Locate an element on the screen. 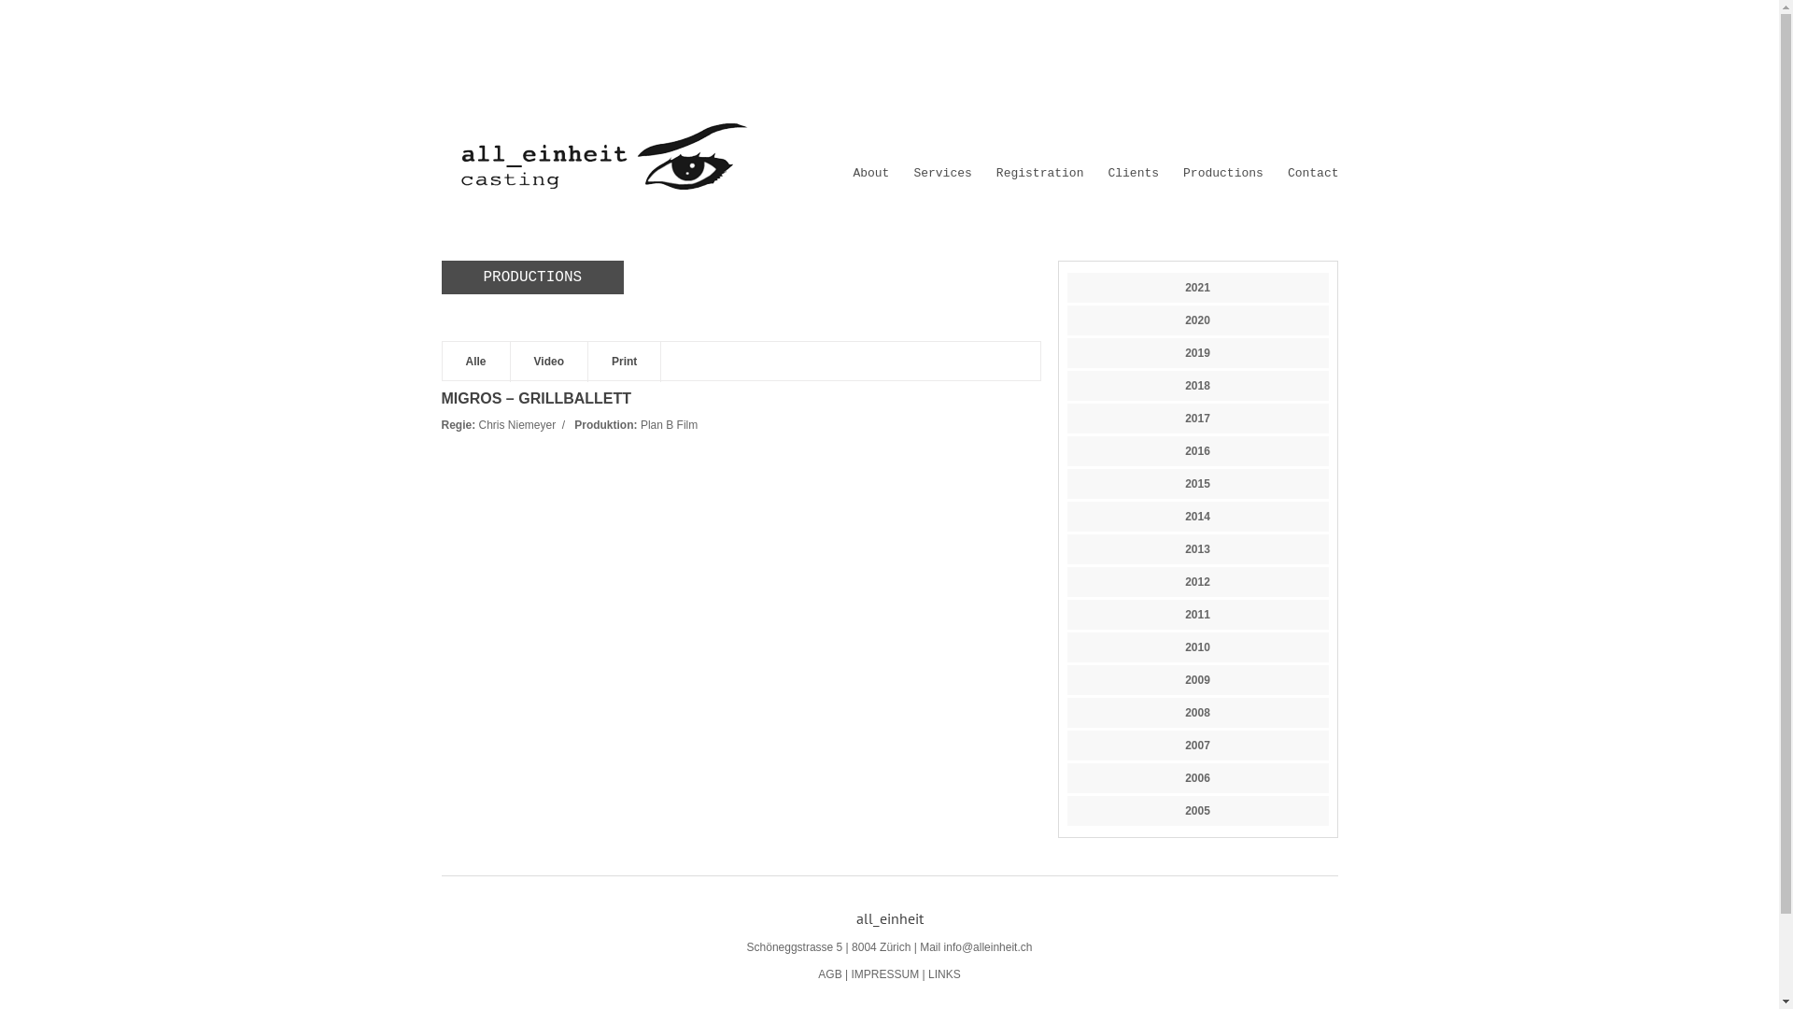 Image resolution: width=1793 pixels, height=1009 pixels. '2011' is located at coordinates (1066, 615).